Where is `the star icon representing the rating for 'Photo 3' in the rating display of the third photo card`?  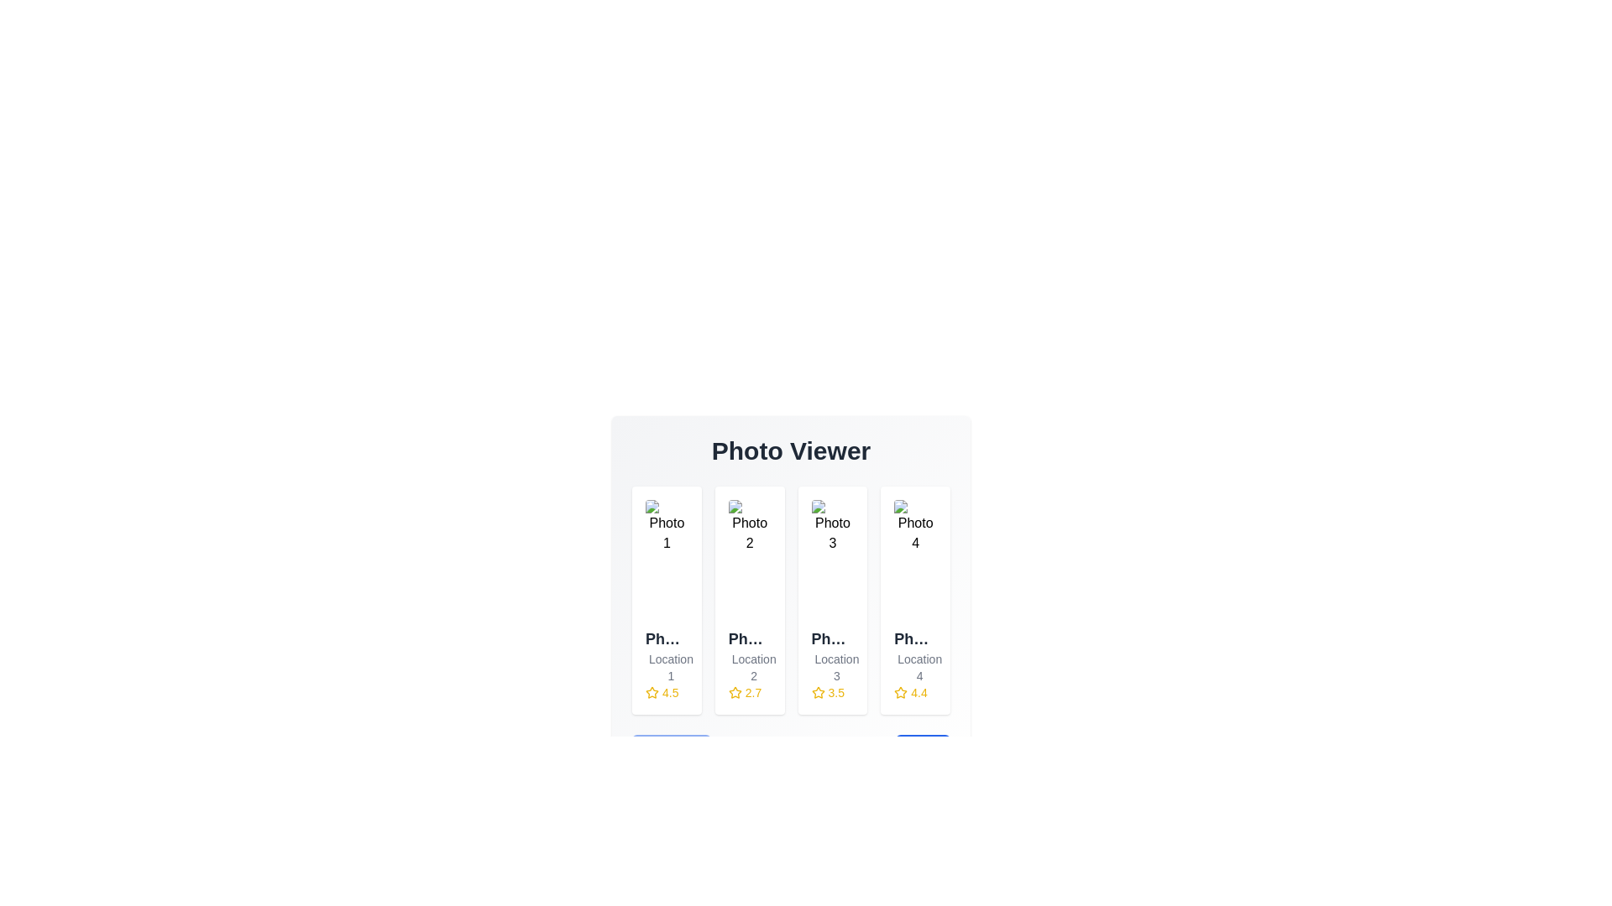
the star icon representing the rating for 'Photo 3' in the rating display of the third photo card is located at coordinates (818, 692).